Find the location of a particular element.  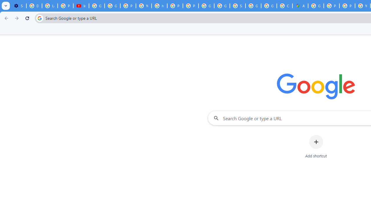

'Add shortcut' is located at coordinates (316, 146).